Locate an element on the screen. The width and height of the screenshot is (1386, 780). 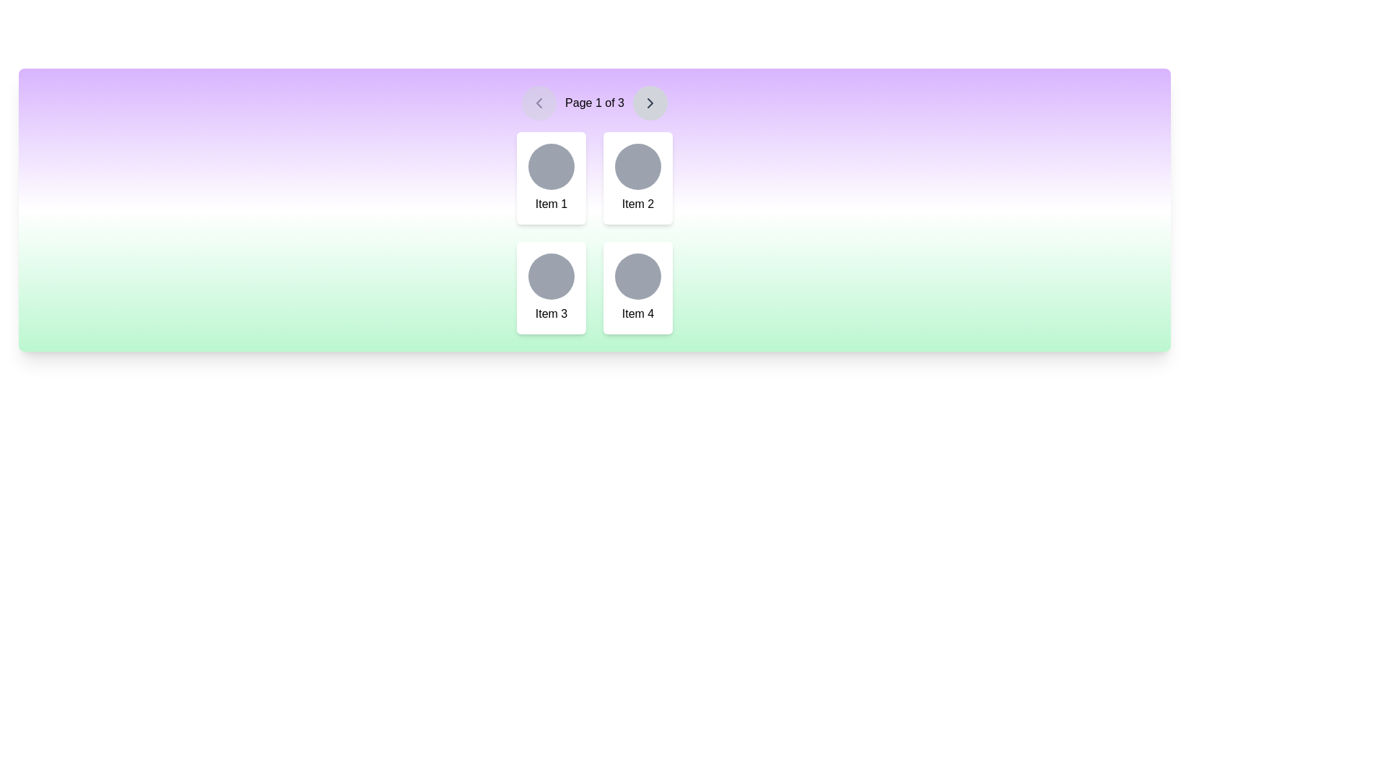
the static text display that shows the current page and total number of pages in the pagination bar, centrally placed between left and right chevron buttons is located at coordinates (595, 102).